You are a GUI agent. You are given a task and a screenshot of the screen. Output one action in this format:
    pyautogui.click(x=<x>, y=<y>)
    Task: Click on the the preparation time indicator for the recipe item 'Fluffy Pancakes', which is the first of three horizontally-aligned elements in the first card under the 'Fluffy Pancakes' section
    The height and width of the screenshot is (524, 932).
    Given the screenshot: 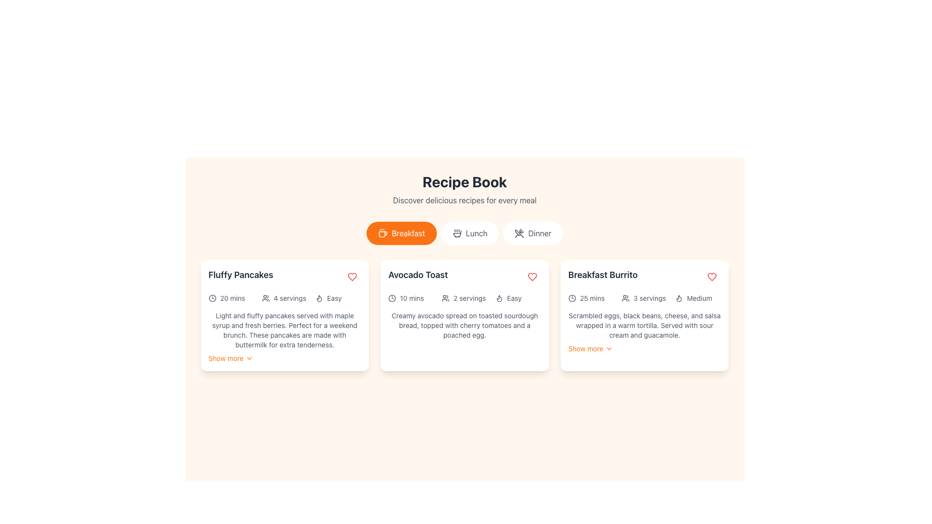 What is the action you would take?
    pyautogui.click(x=231, y=297)
    